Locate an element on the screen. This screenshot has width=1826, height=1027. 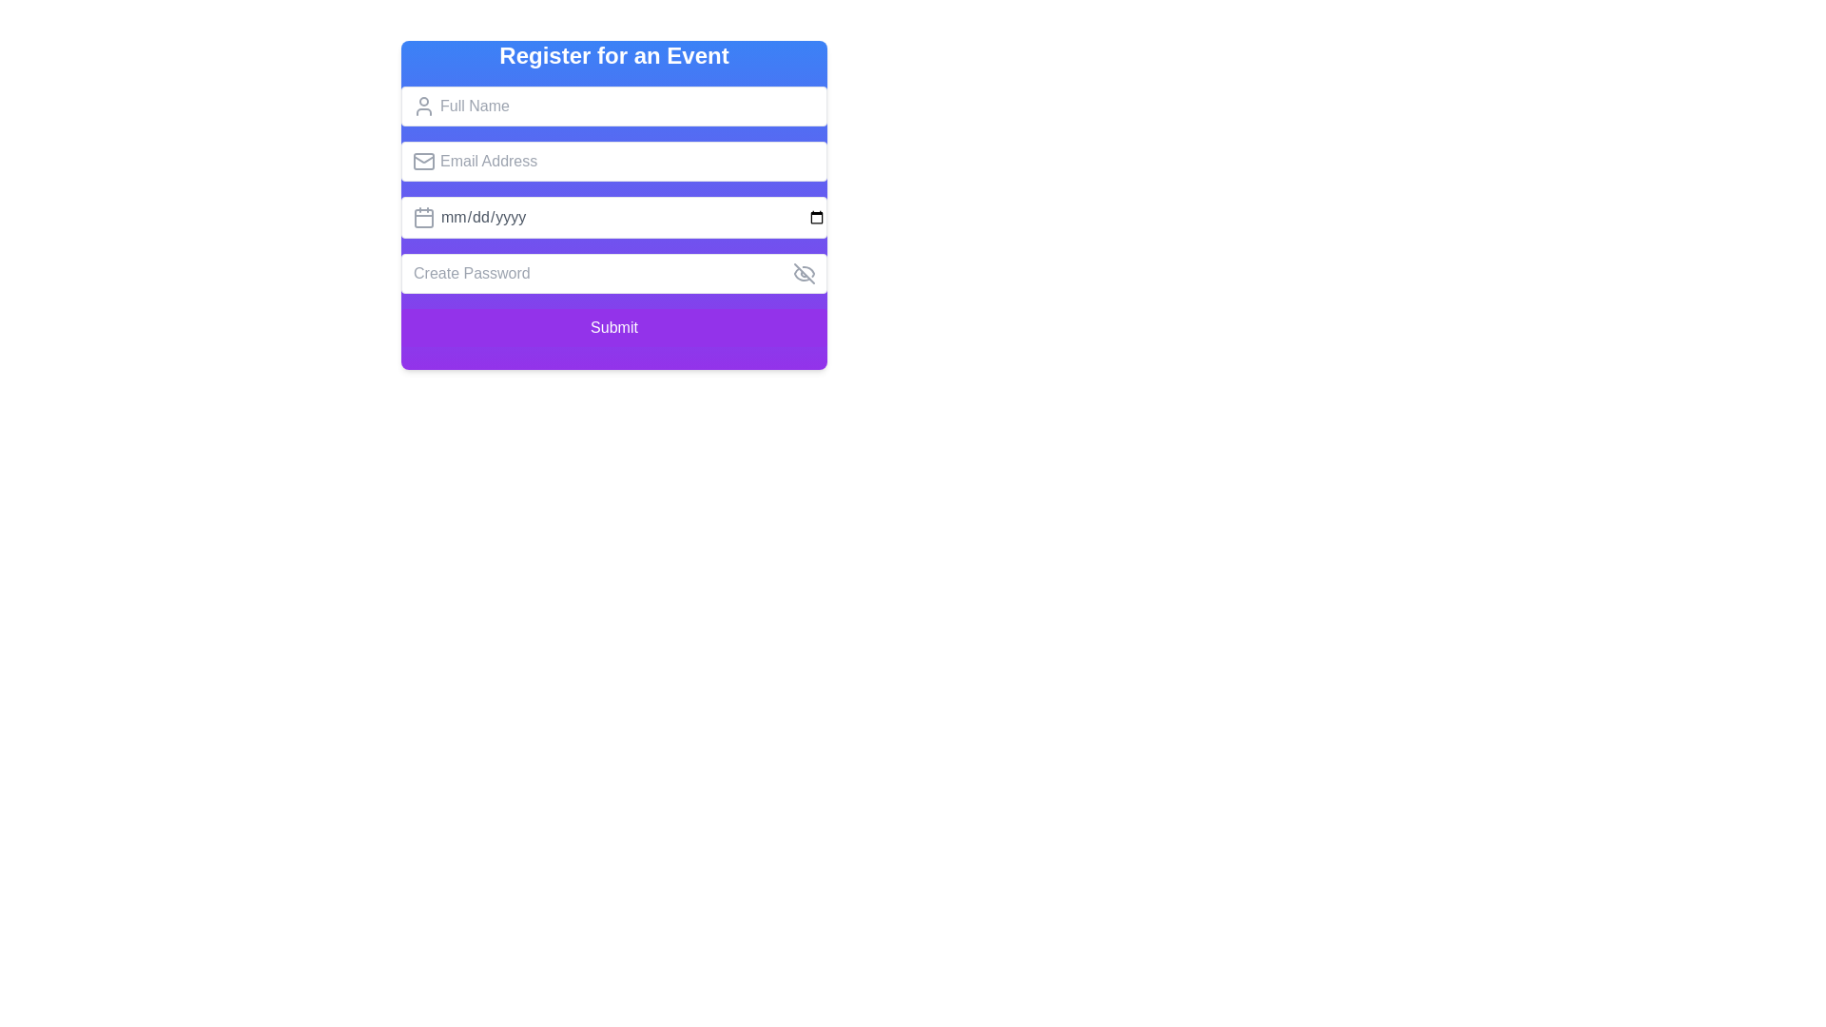
the email input field, which is the second visible input field in the registration form, to focus and type an email address is located at coordinates (614, 160).